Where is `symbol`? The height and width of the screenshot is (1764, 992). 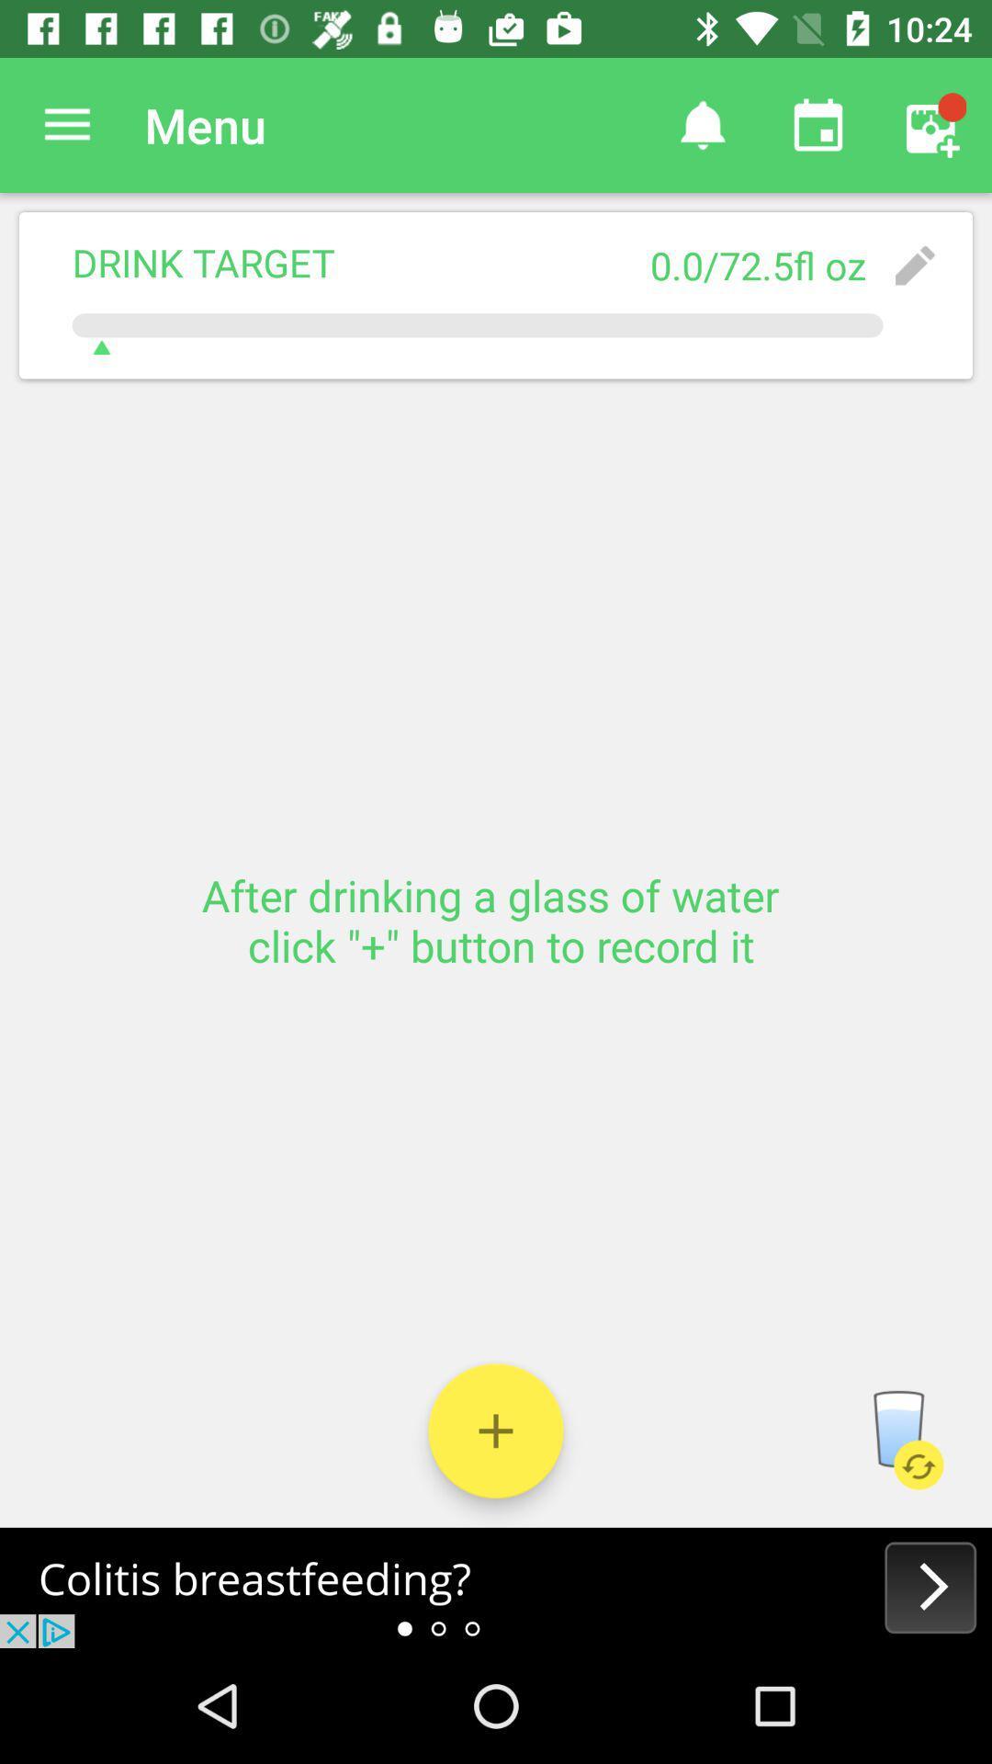 symbol is located at coordinates (496, 1430).